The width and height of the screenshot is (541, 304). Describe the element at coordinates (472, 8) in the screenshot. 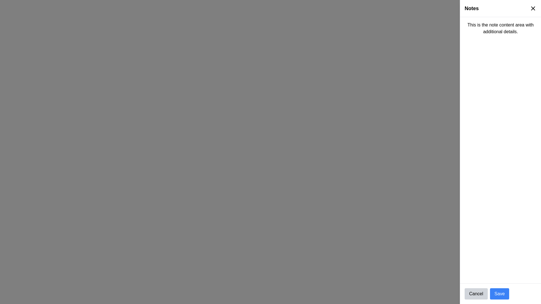

I see `static text label displaying the word 'Notes', which is positioned at the top left corner of a white panel` at that location.